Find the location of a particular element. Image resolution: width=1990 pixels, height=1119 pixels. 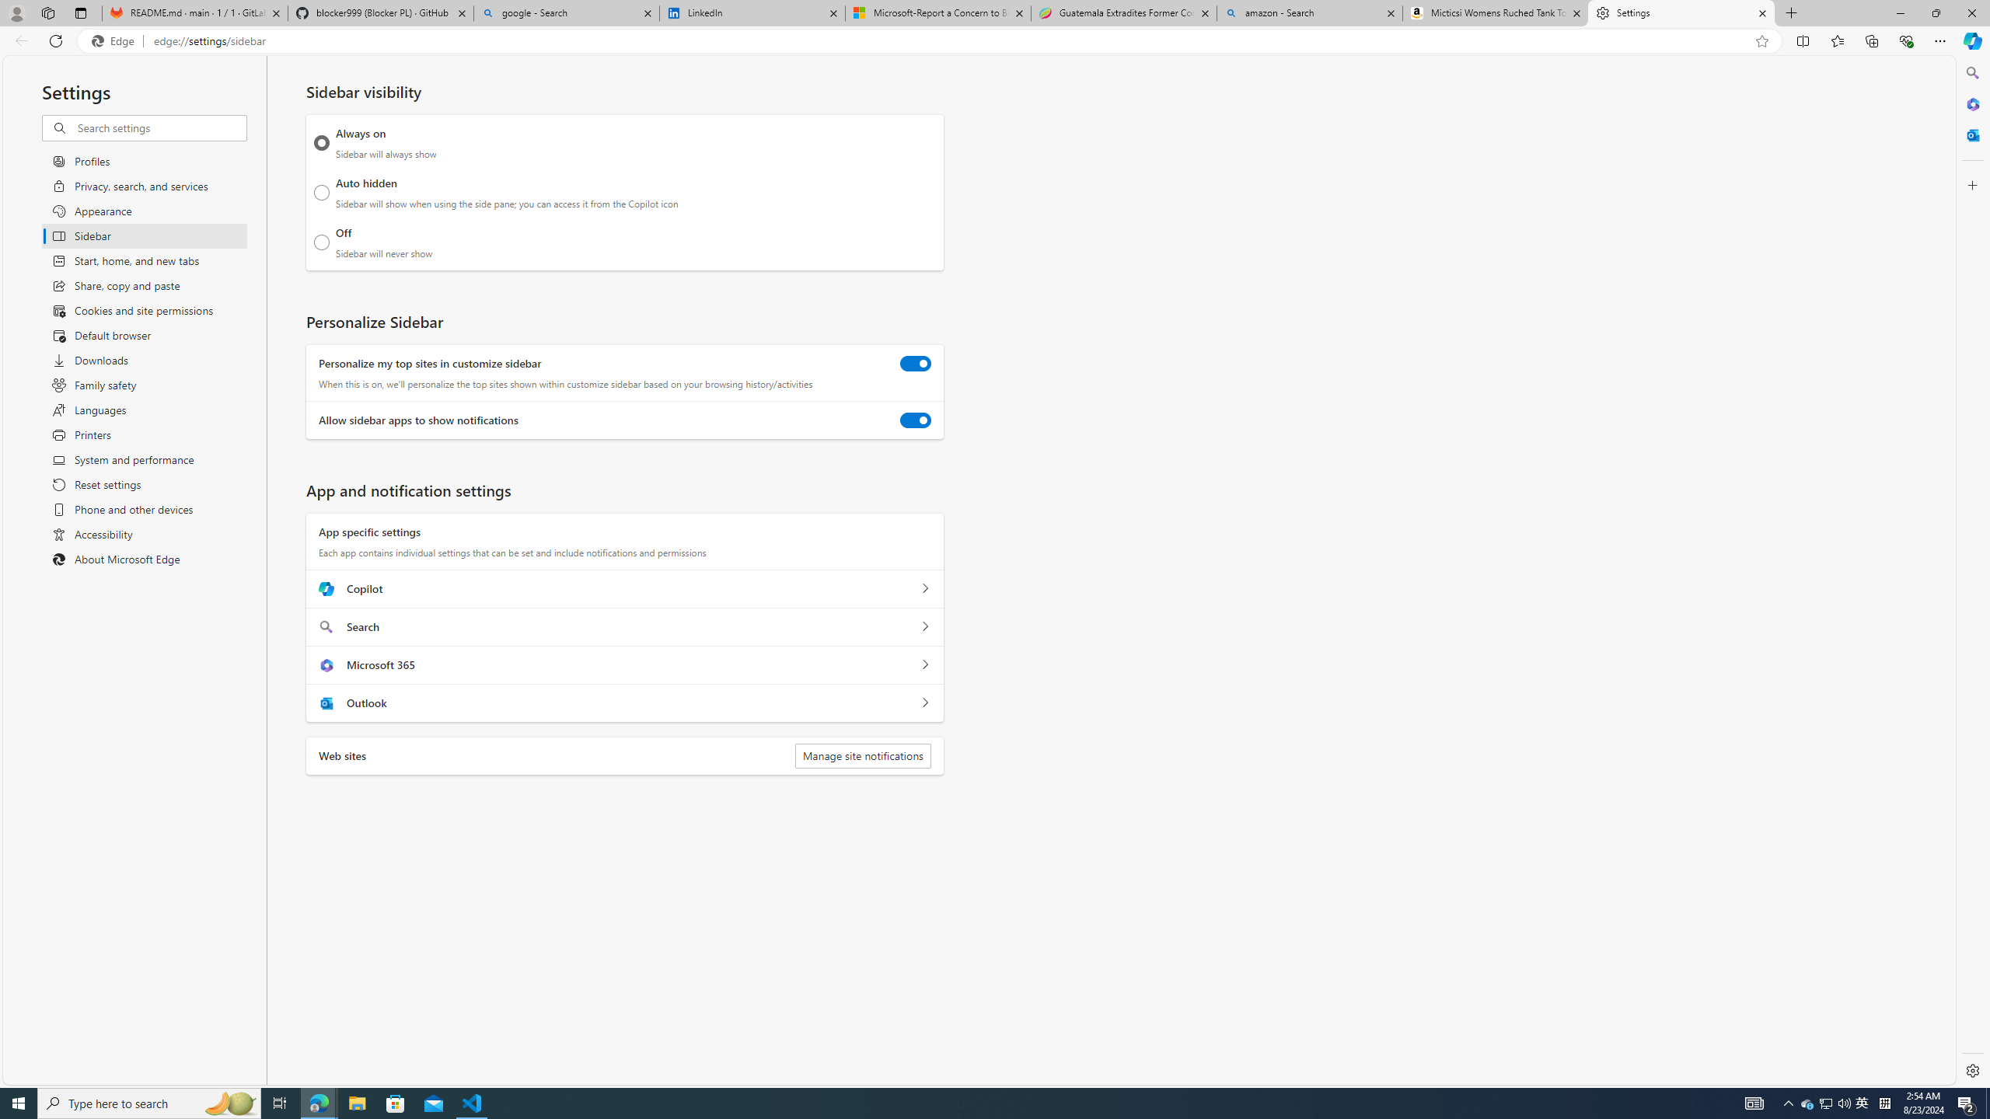

'LinkedIn' is located at coordinates (751, 12).